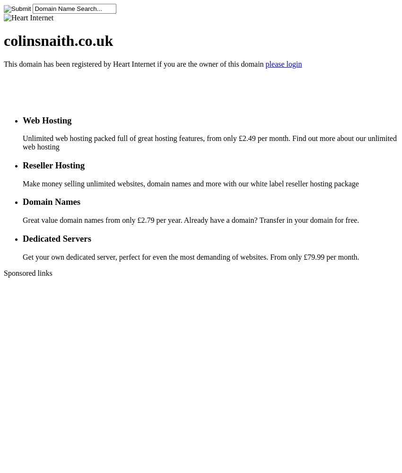 This screenshot has width=402, height=473. What do you see at coordinates (191, 219) in the screenshot?
I see `'Great value domain names from only £2.79 per year. Already have a domain? Transfer in your domain for free.'` at bounding box center [191, 219].